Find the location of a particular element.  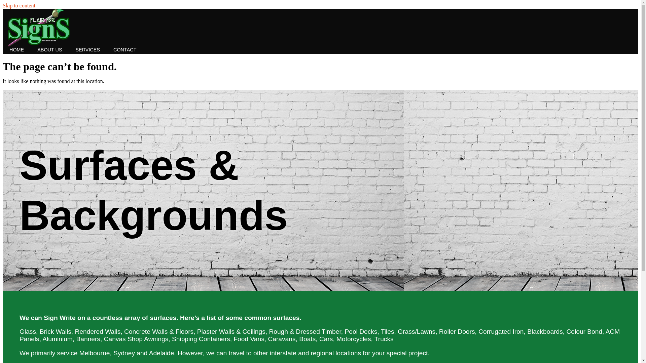

'SERVICES' is located at coordinates (87, 50).